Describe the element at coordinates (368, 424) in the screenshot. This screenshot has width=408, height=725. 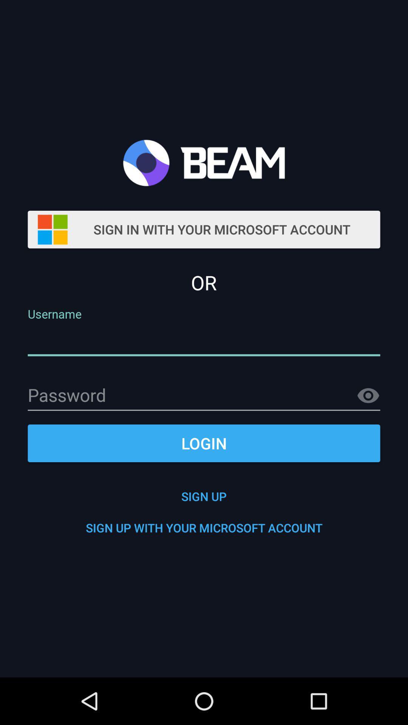
I see `the visibility icon` at that location.